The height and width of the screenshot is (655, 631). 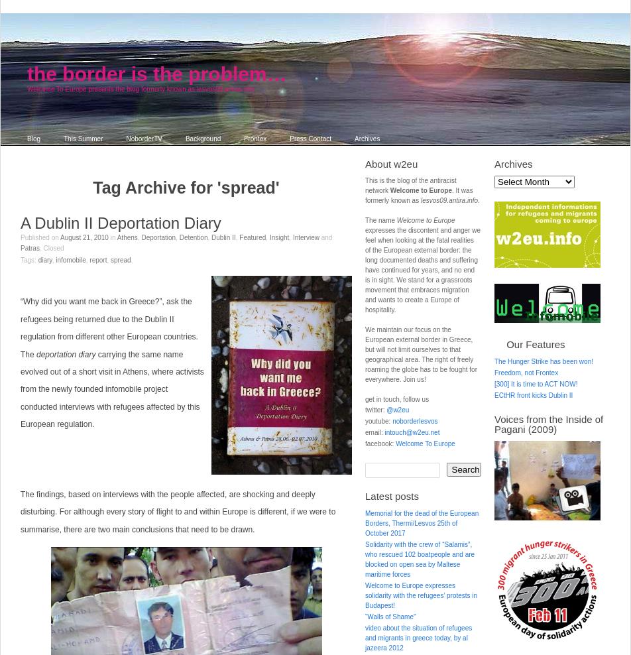 I want to click on 'Latest posts', so click(x=392, y=495).